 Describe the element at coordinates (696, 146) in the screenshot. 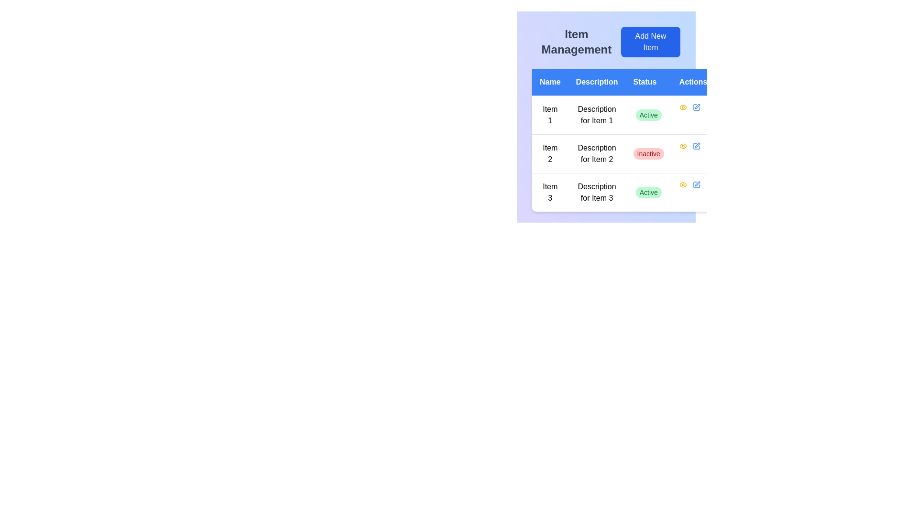

I see `the blue pen icon in the Actions column of the second row to initiate editing Item 2` at that location.